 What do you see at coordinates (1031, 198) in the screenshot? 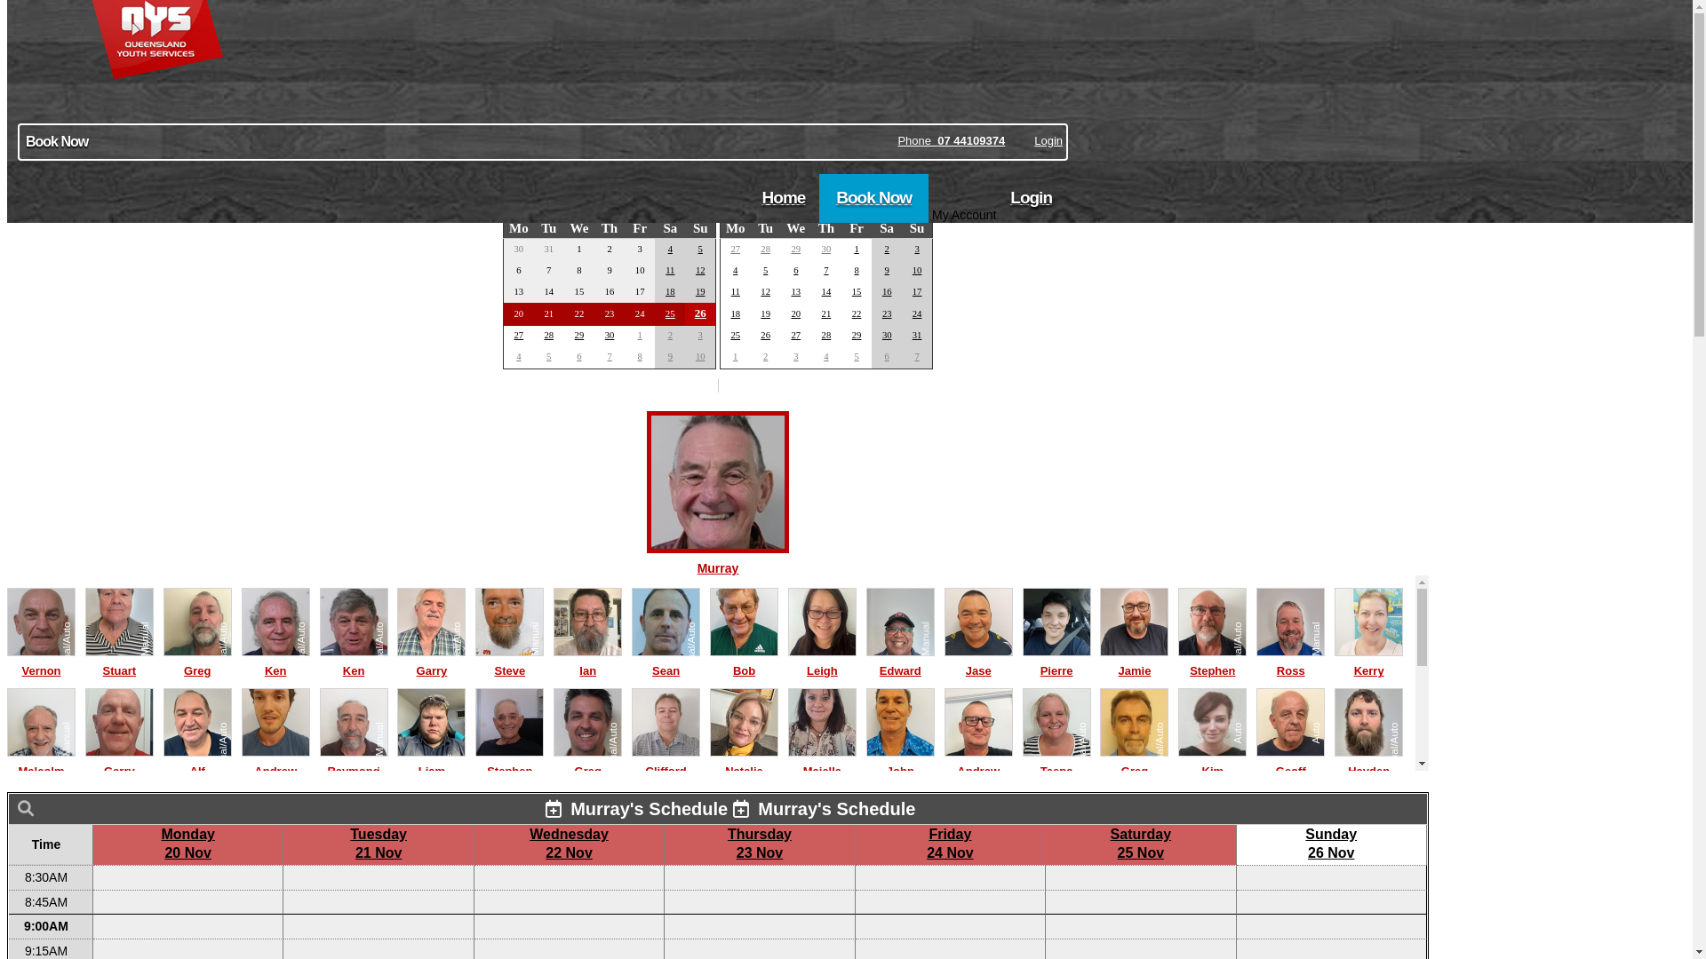
I see `'Login'` at bounding box center [1031, 198].